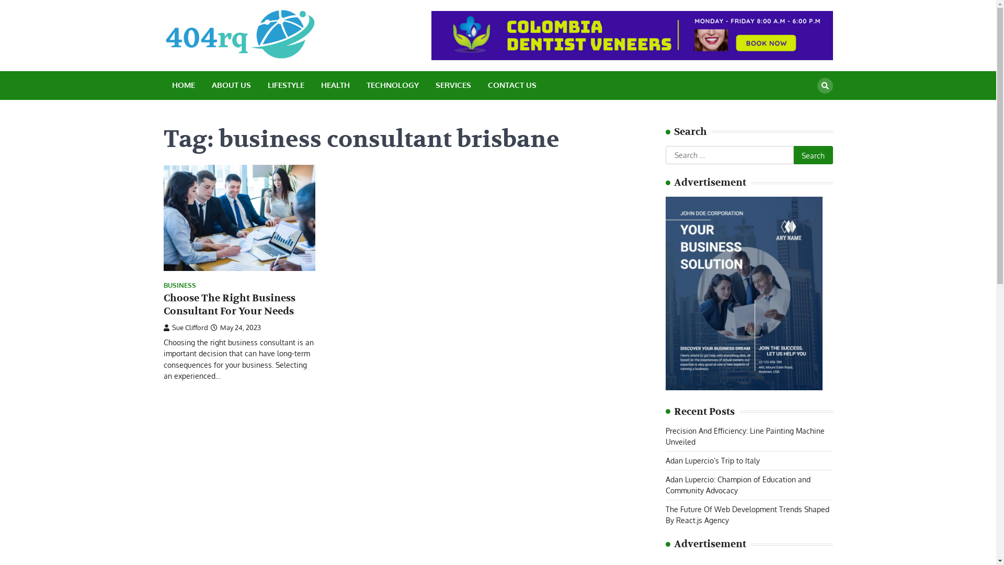 Image resolution: width=1004 pixels, height=565 pixels. I want to click on 'SERVICES', so click(452, 85).